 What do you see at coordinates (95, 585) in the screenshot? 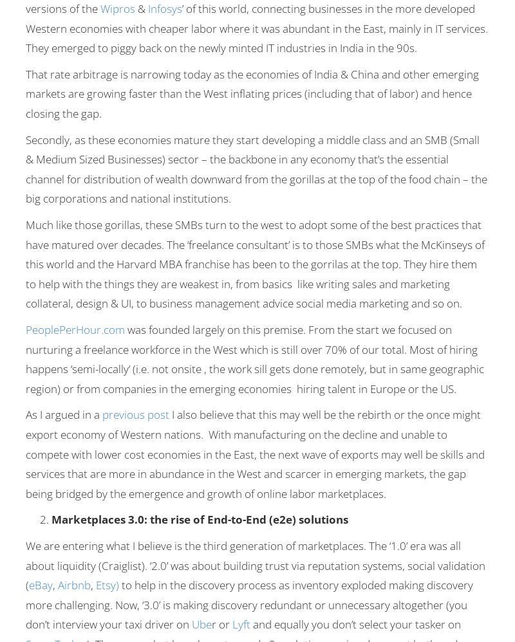
I see `'Etsy)'` at bounding box center [95, 585].